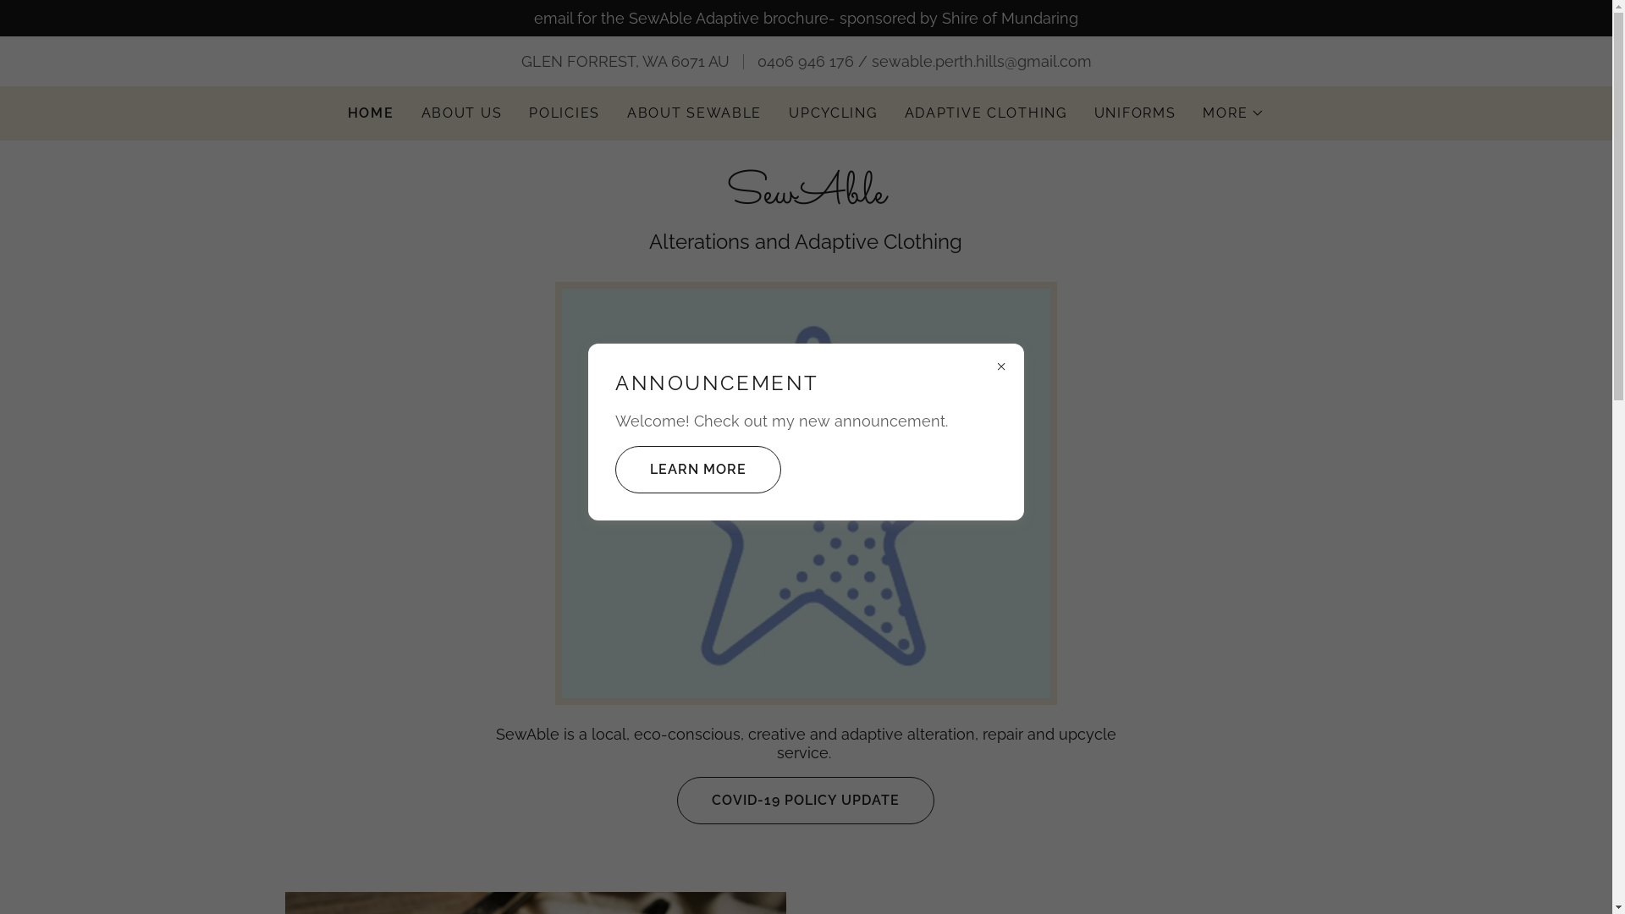  Describe the element at coordinates (694, 113) in the screenshot. I see `'ABOUT SEWABLE'` at that location.